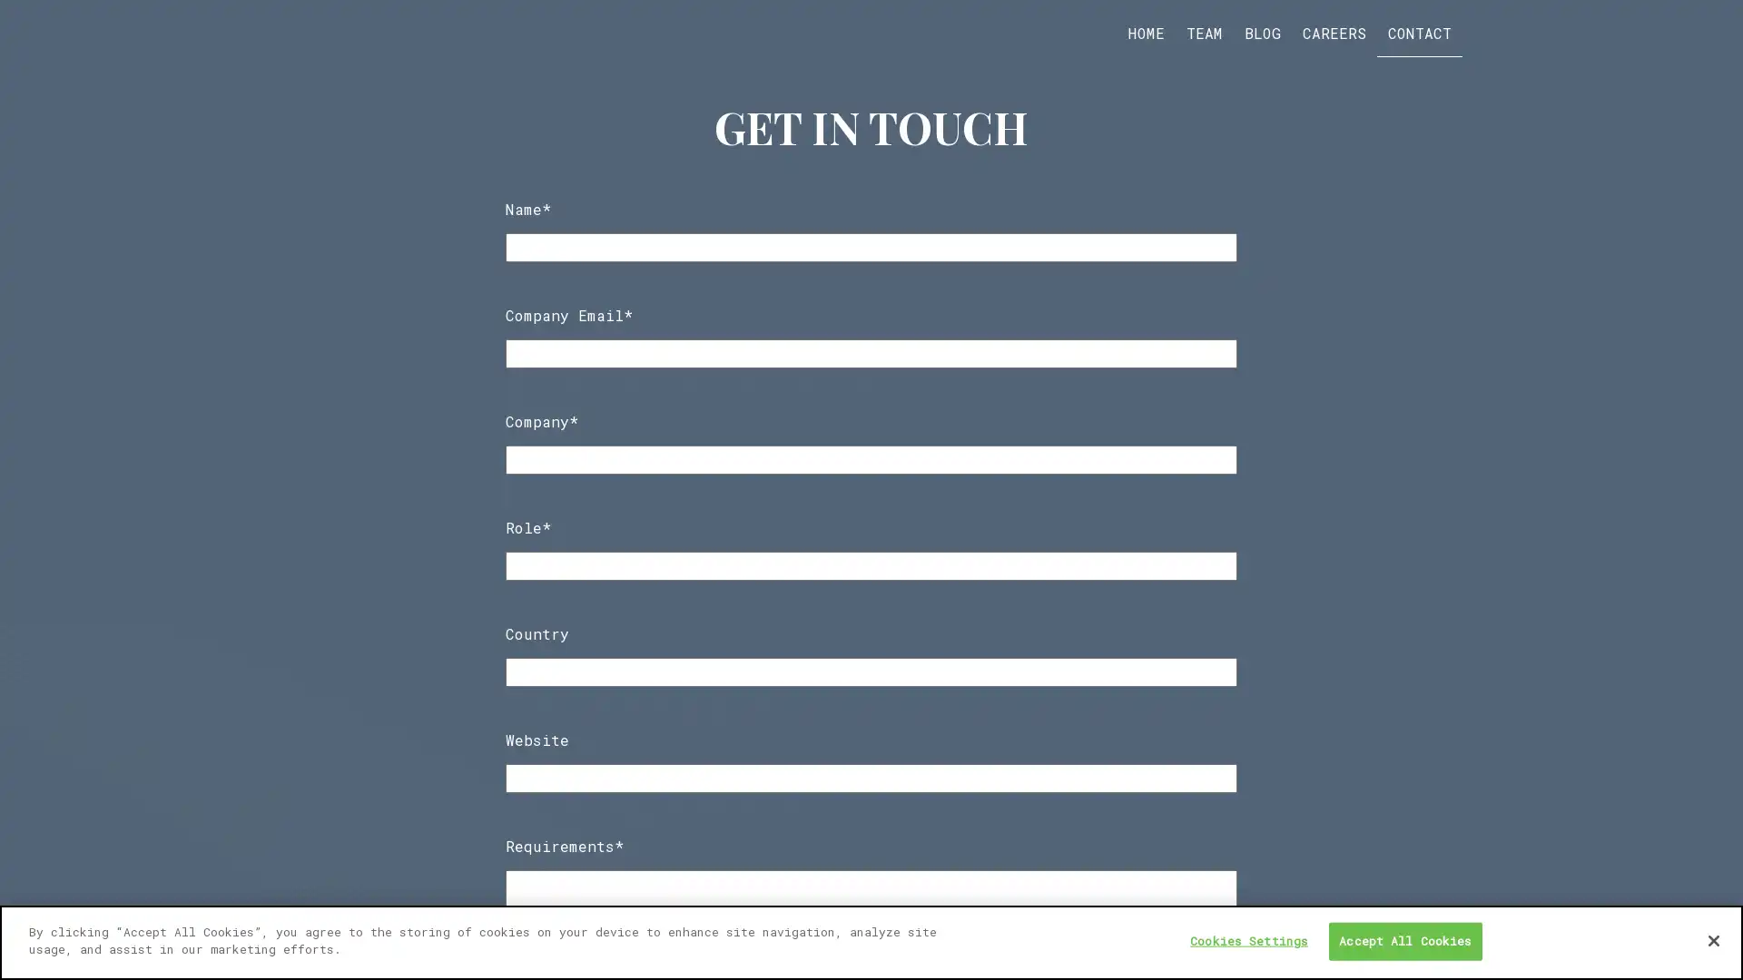 The image size is (1743, 980). What do you see at coordinates (1712, 939) in the screenshot?
I see `Close` at bounding box center [1712, 939].